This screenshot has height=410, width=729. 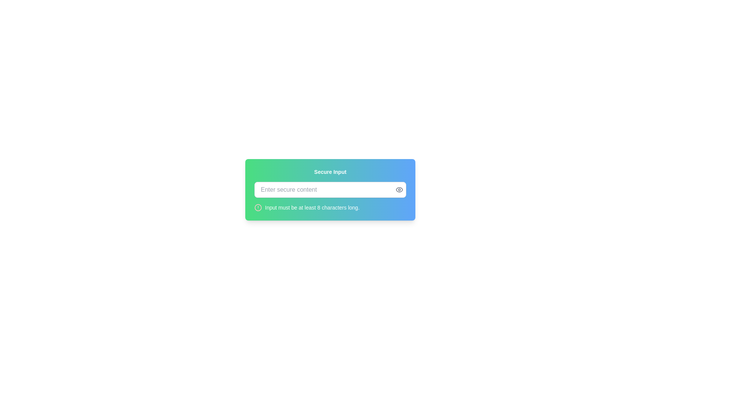 What do you see at coordinates (258, 208) in the screenshot?
I see `the Circular warning icon located to the left of the warning message indicating a validation error` at bounding box center [258, 208].